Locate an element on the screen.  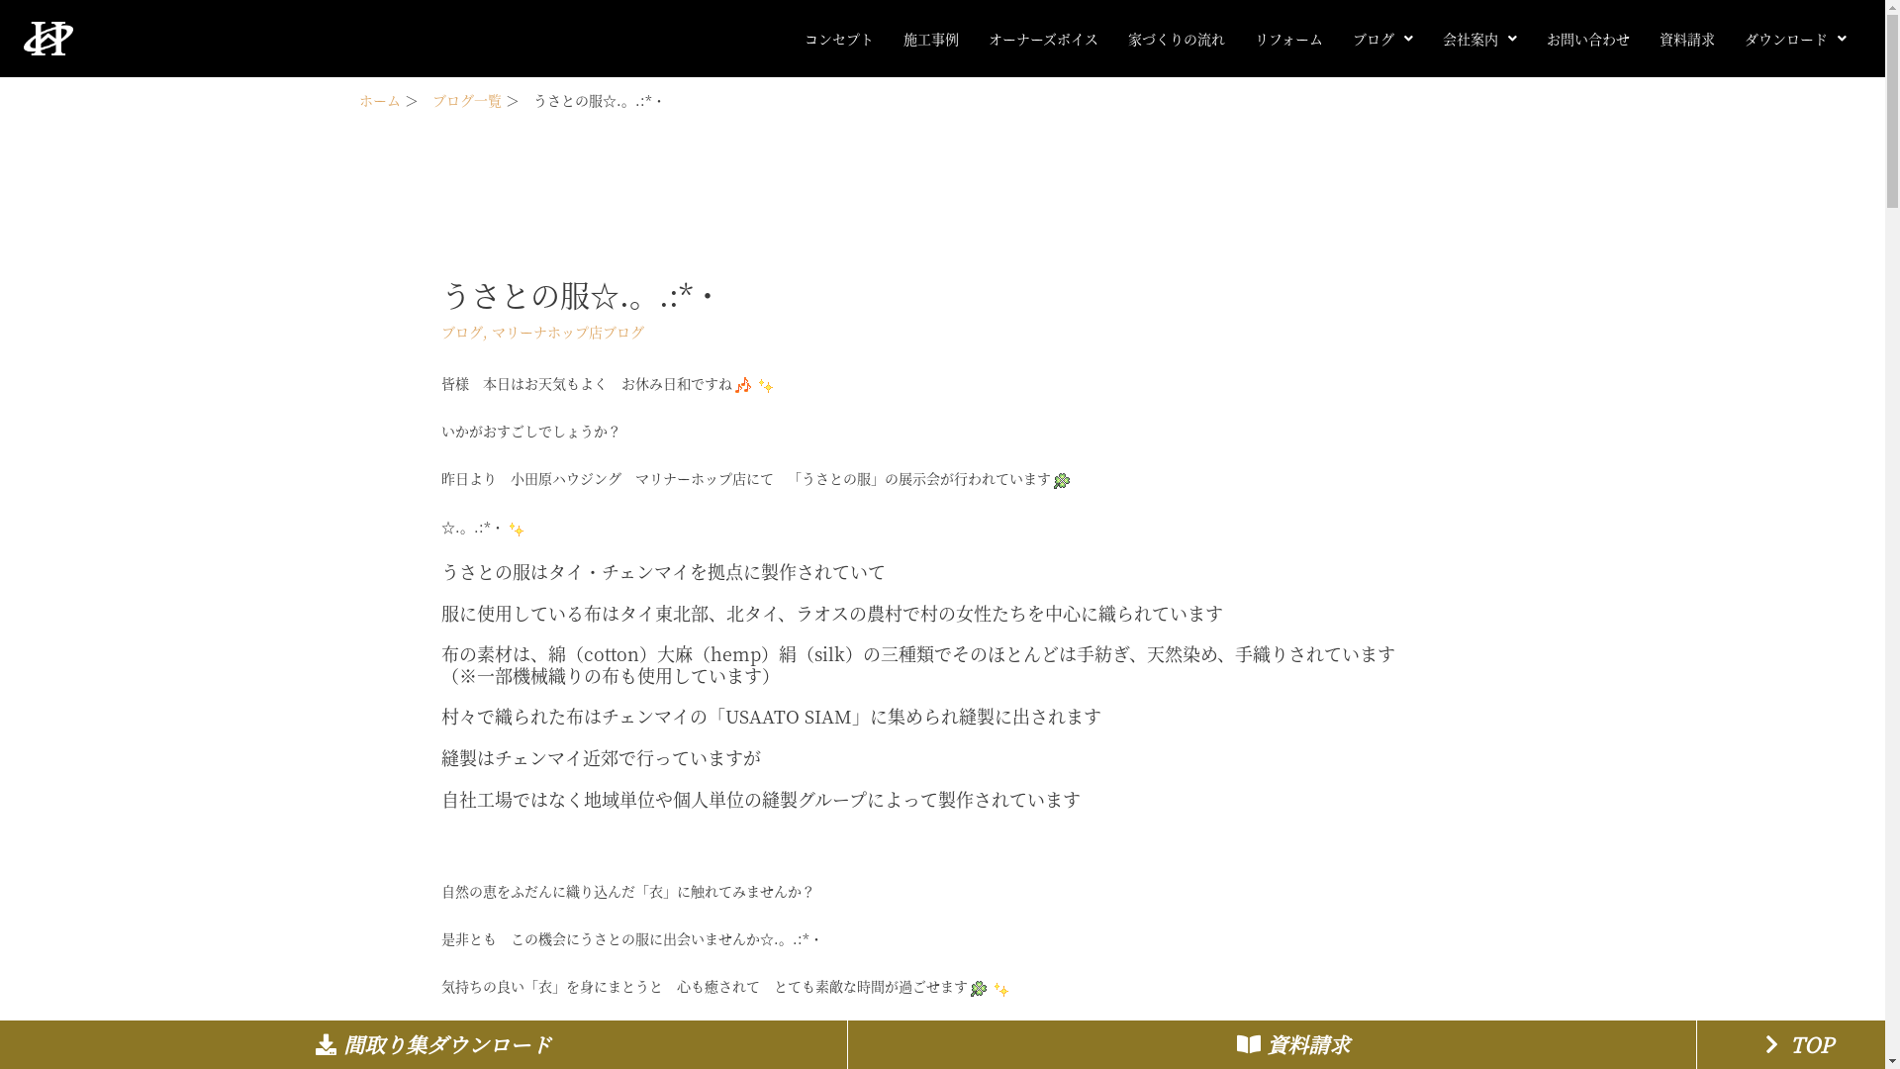
'TOP' is located at coordinates (1795, 1043).